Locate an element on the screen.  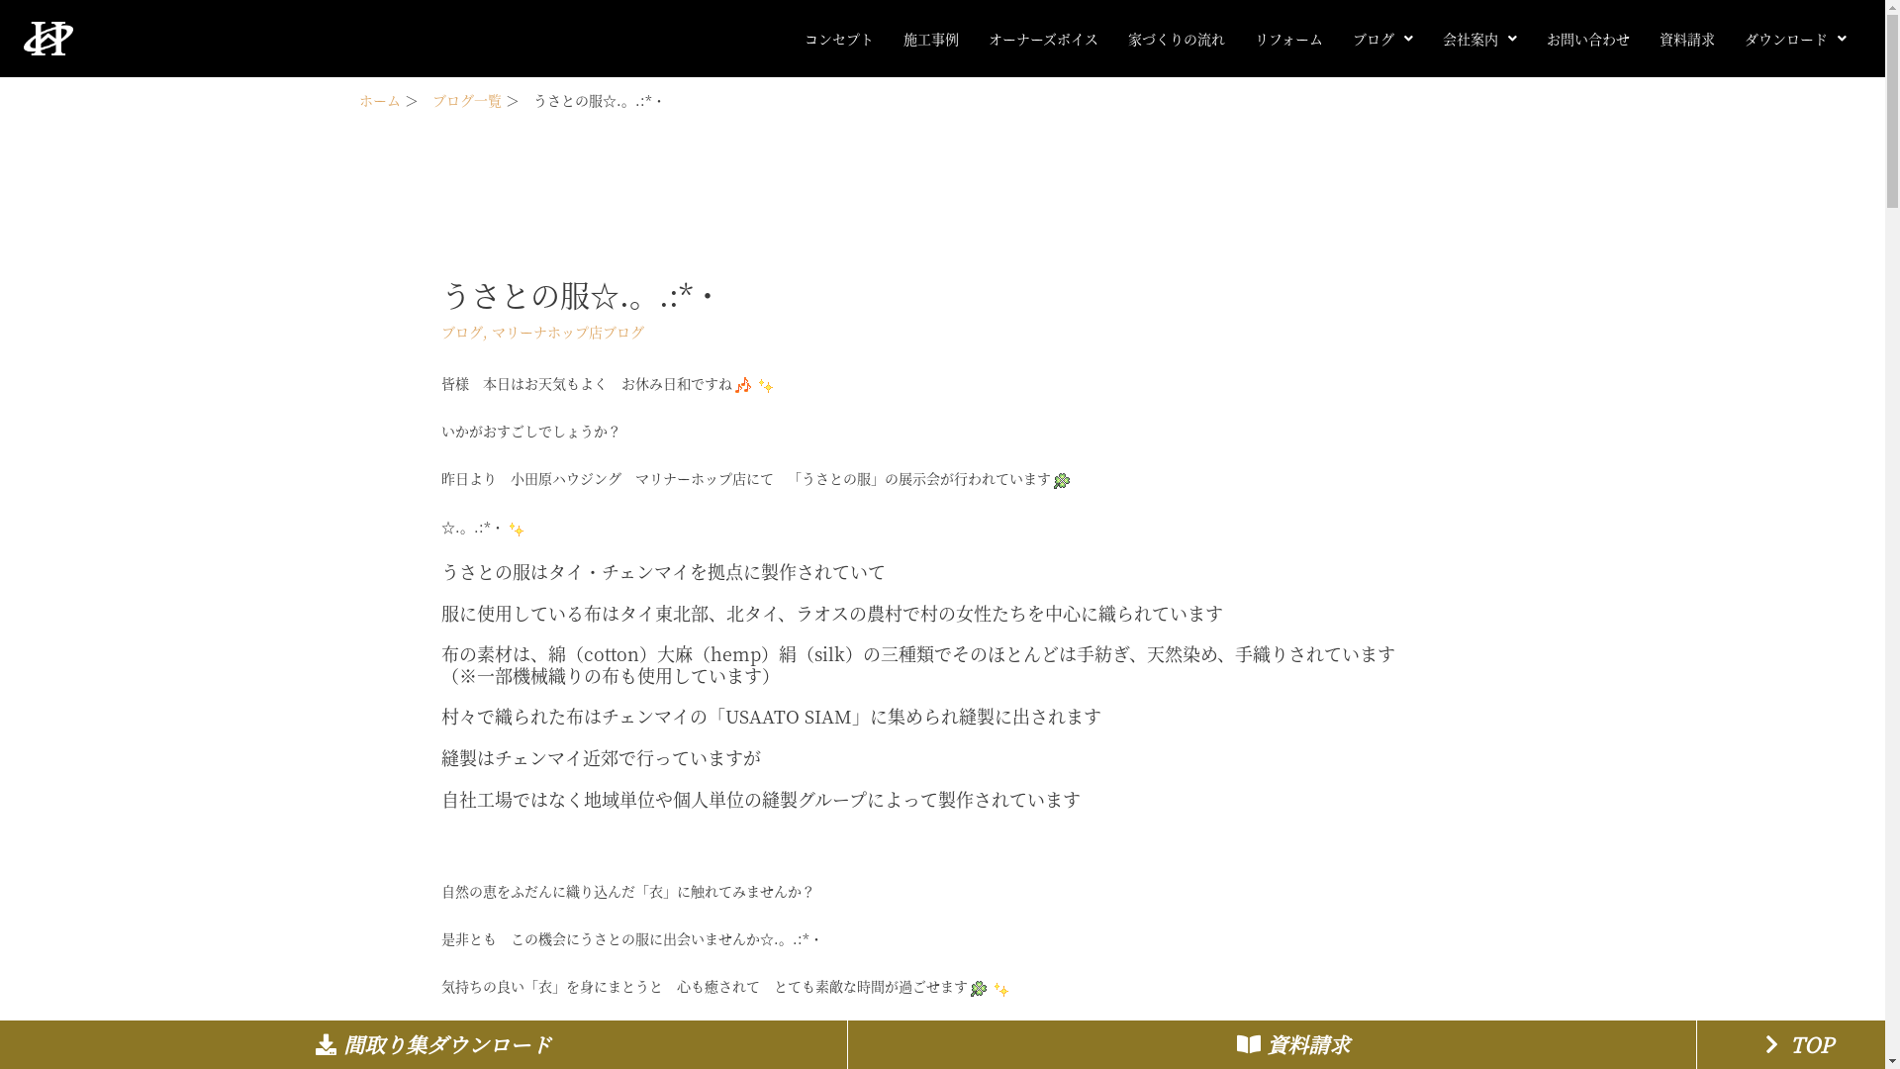
'TOP' is located at coordinates (1795, 1043).